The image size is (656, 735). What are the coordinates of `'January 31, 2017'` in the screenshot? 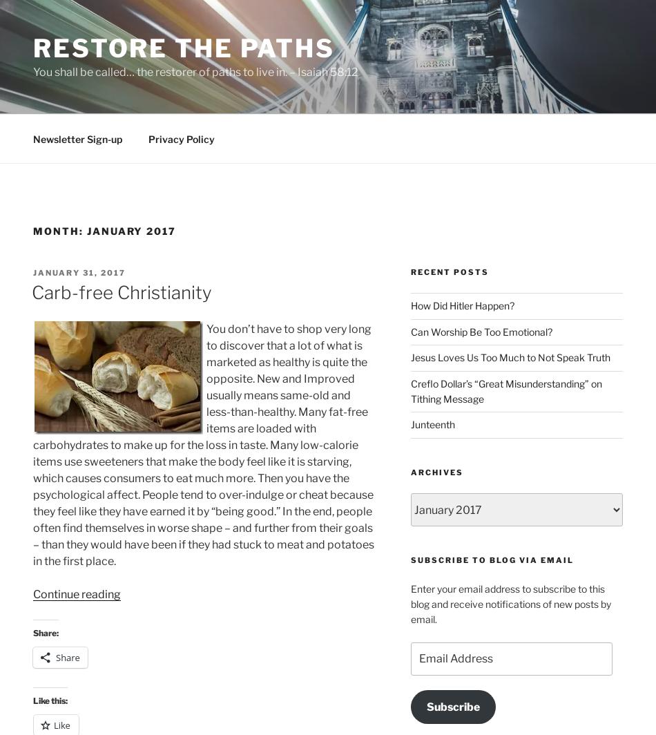 It's located at (79, 272).